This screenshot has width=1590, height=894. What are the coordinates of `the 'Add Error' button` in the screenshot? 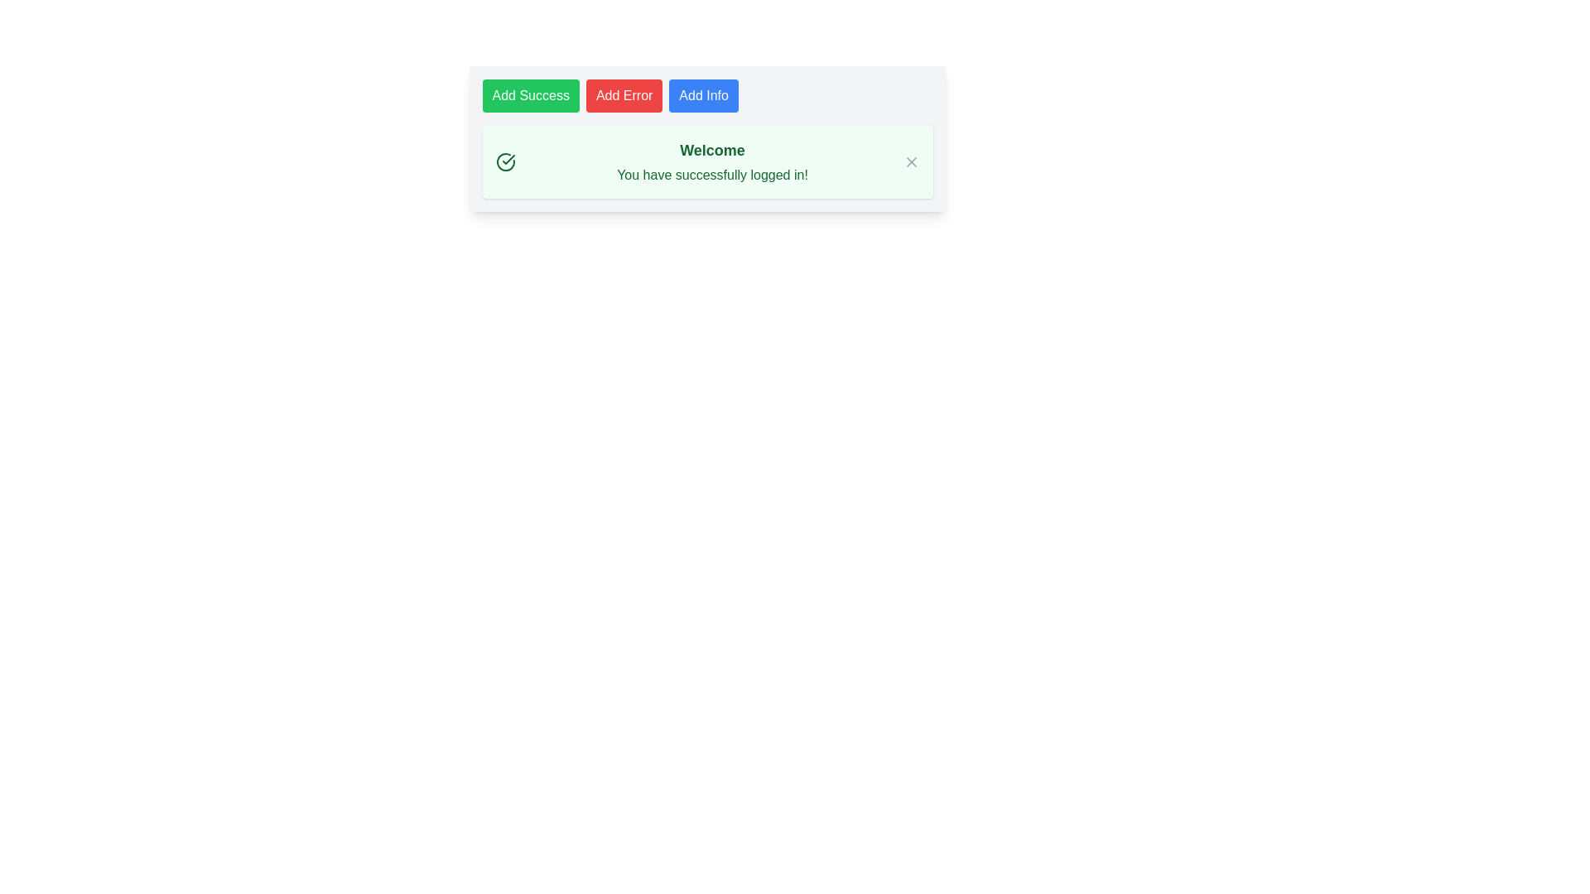 It's located at (624, 95).